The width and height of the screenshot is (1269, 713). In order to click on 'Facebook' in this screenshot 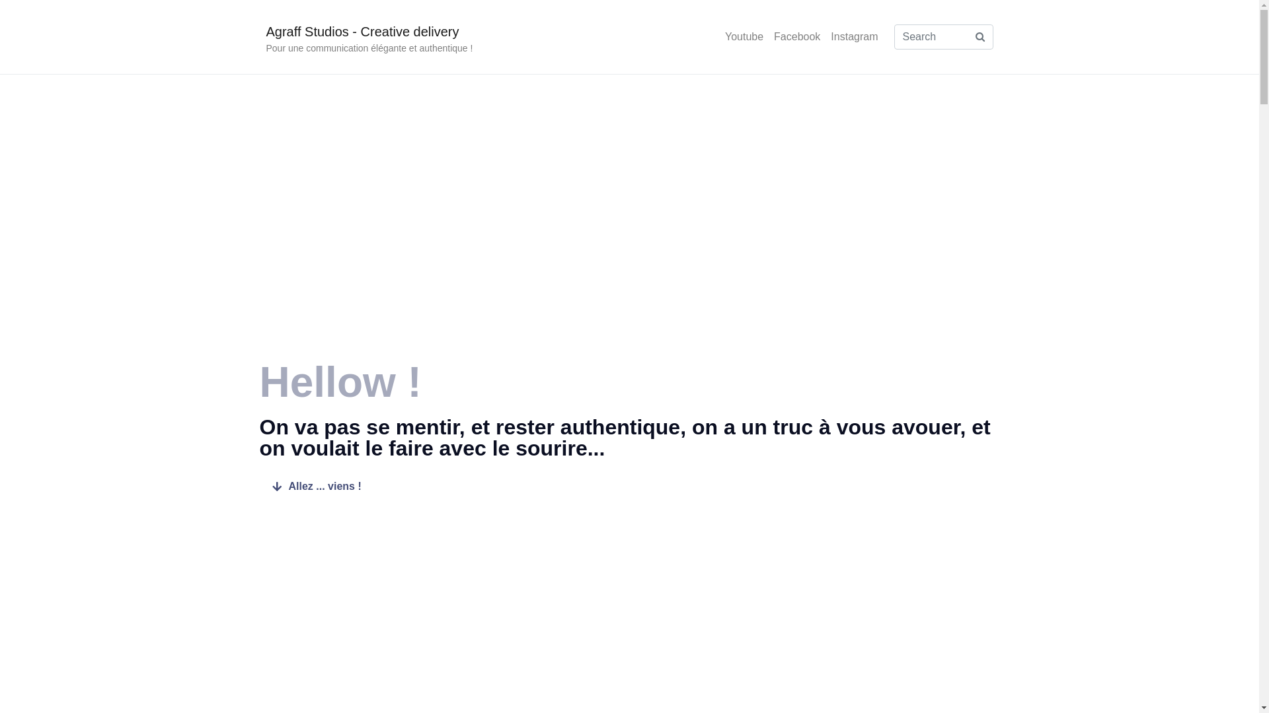, I will do `click(796, 36)`.